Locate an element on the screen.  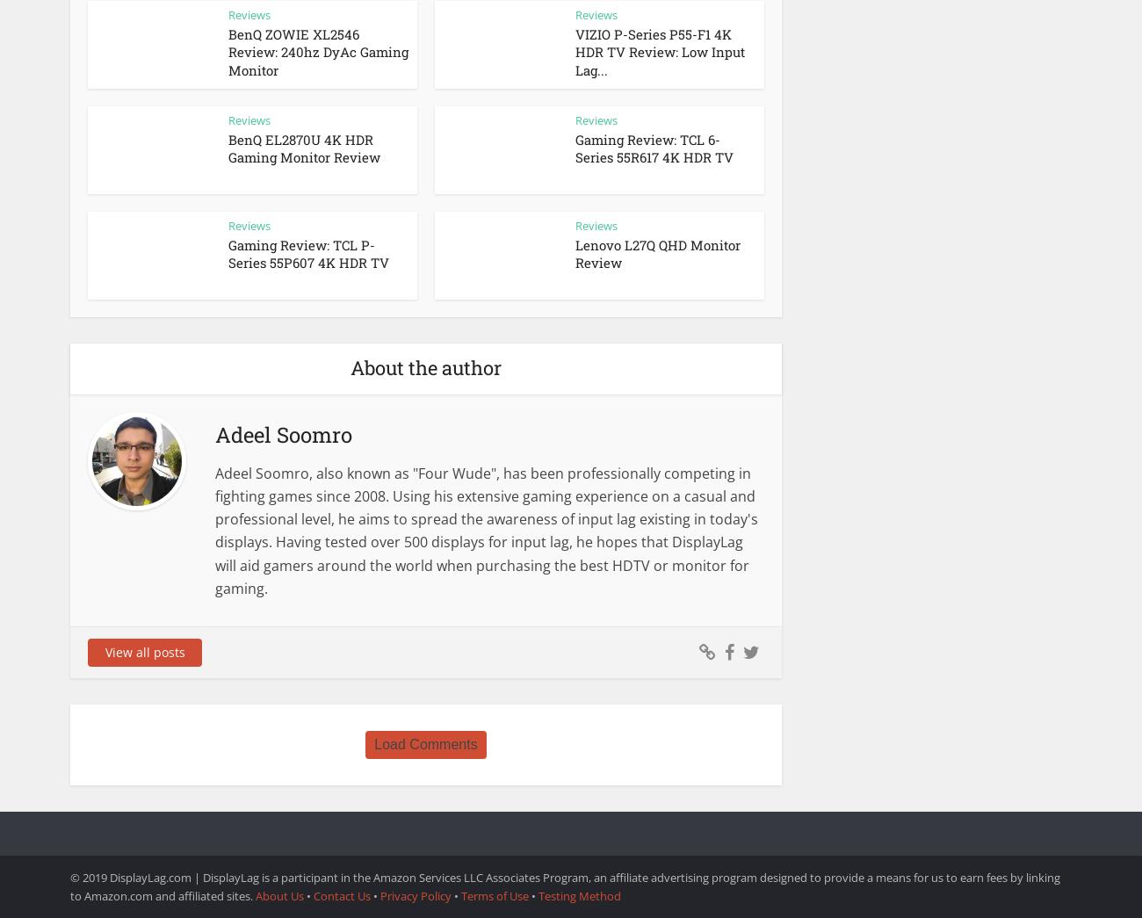
'Load Comments' is located at coordinates (424, 742).